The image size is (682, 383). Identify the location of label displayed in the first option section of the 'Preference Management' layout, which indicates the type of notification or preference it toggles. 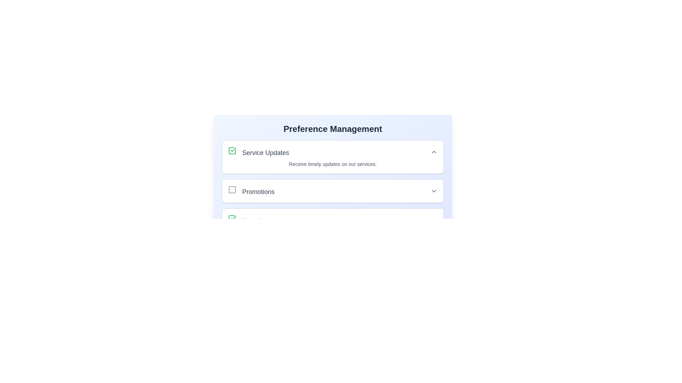
(258, 151).